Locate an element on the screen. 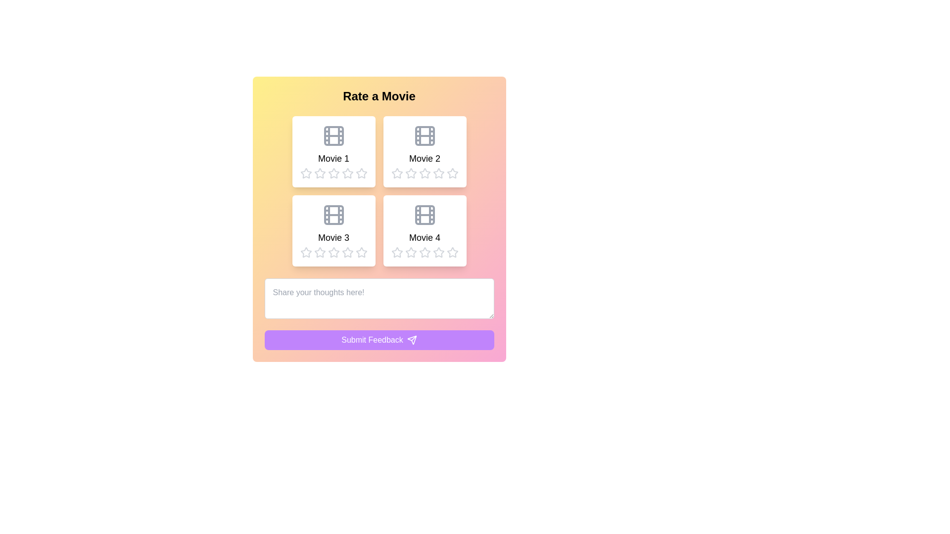 This screenshot has width=950, height=534. the second star icon for rating purposes located under the 'Movie 2' title is located at coordinates (411, 173).